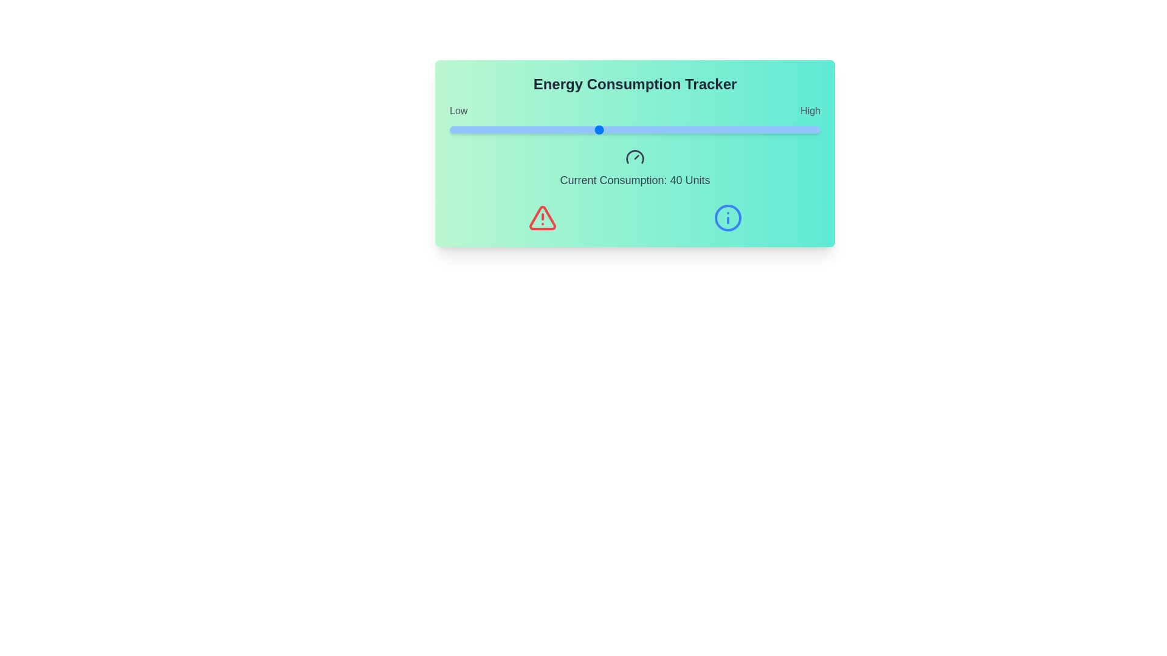 This screenshot has width=1167, height=656. Describe the element at coordinates (487, 129) in the screenshot. I see `the energy consumption slider to 10 units` at that location.